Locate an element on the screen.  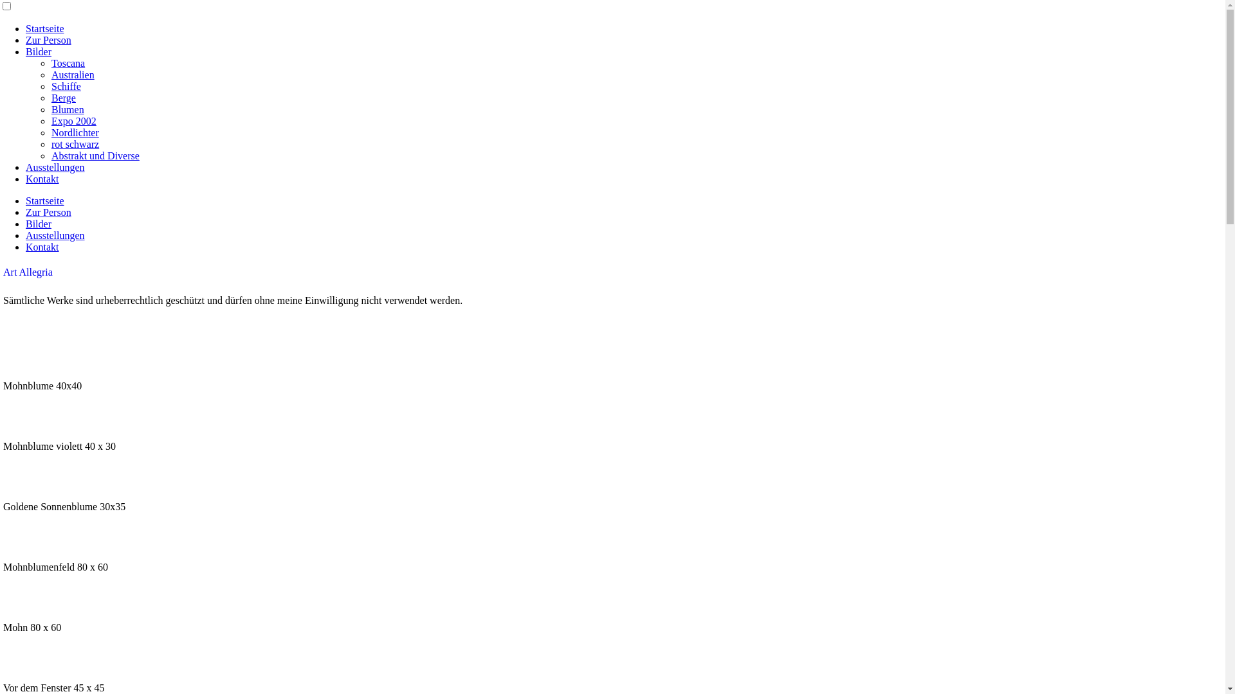
'Art Allegria' is located at coordinates (3, 271).